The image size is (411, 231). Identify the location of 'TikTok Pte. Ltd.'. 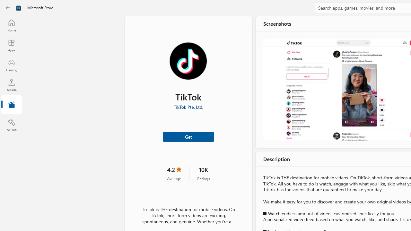
(188, 107).